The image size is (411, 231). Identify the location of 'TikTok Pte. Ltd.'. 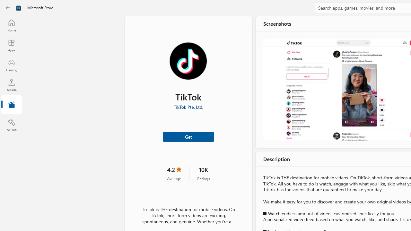
(188, 107).